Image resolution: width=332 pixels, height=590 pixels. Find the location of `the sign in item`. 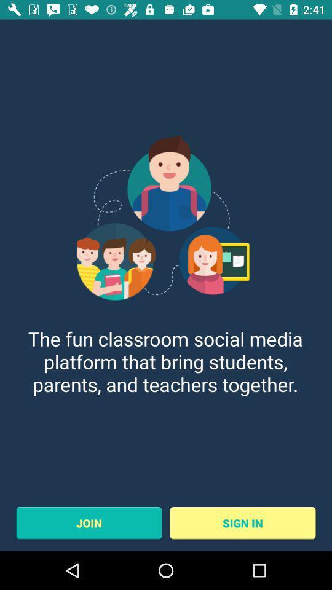

the sign in item is located at coordinates (243, 522).